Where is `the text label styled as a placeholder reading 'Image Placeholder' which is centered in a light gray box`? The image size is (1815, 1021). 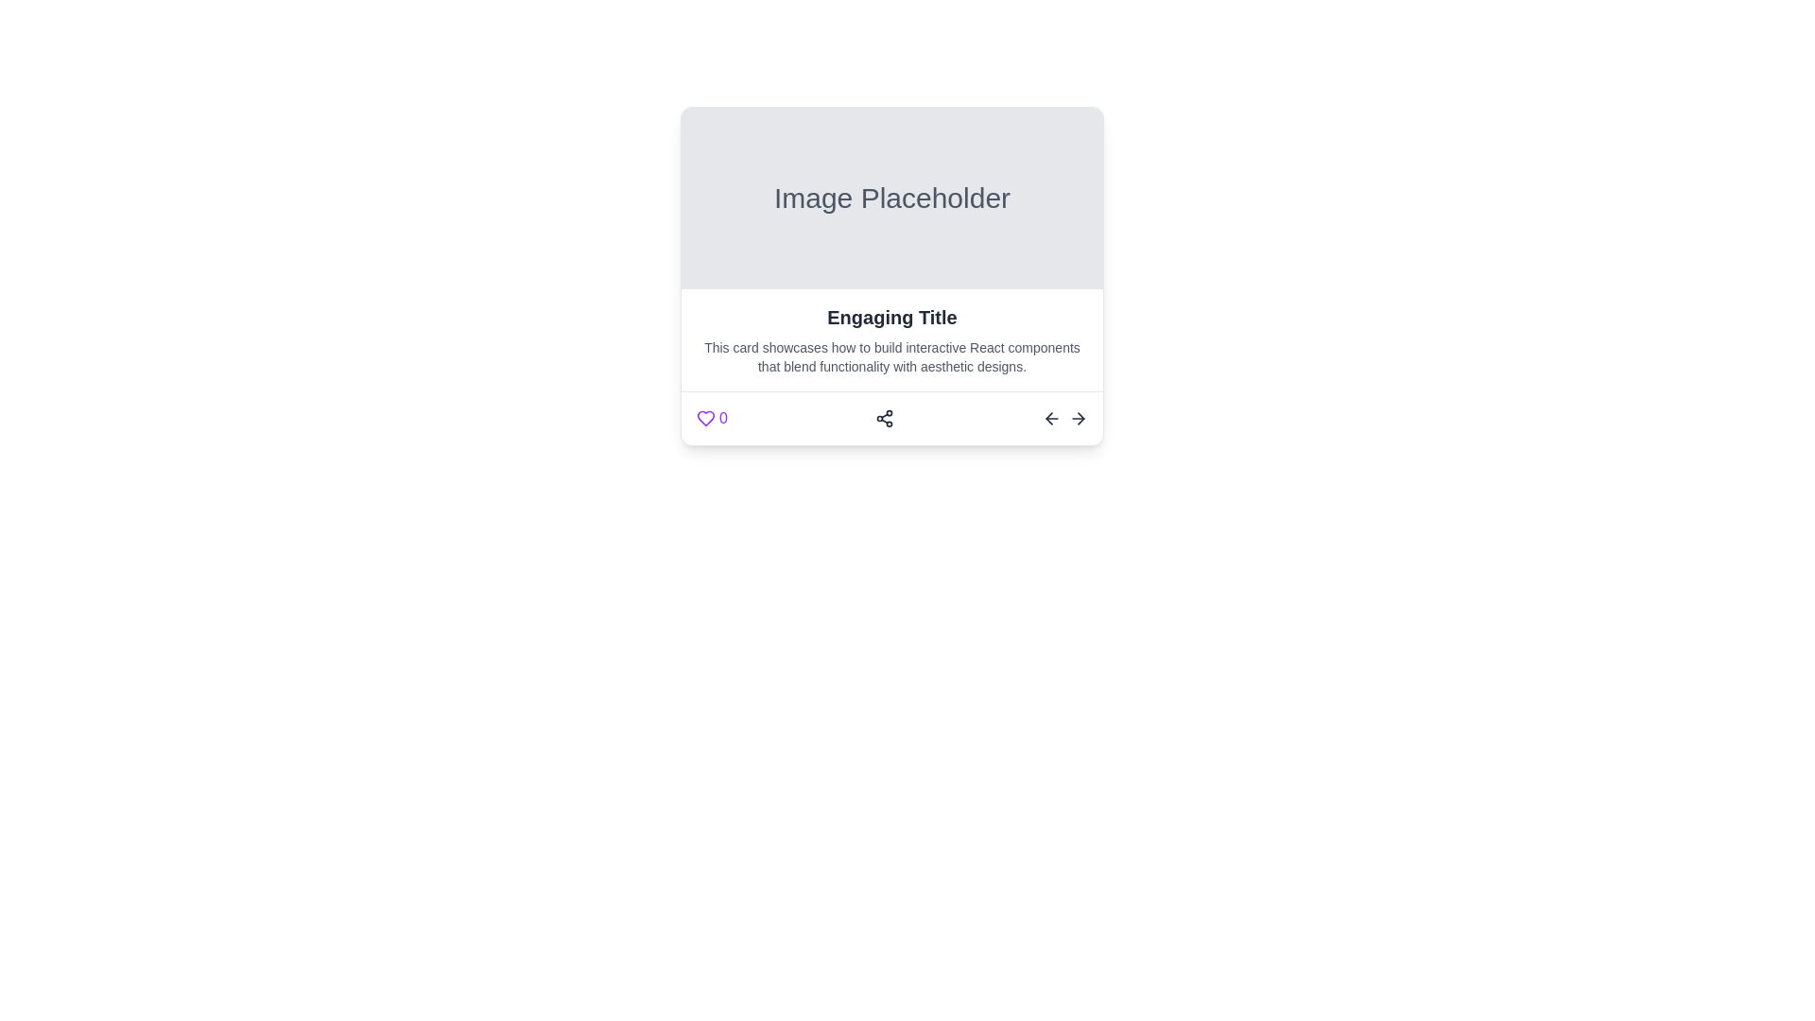 the text label styled as a placeholder reading 'Image Placeholder' which is centered in a light gray box is located at coordinates (891, 198).